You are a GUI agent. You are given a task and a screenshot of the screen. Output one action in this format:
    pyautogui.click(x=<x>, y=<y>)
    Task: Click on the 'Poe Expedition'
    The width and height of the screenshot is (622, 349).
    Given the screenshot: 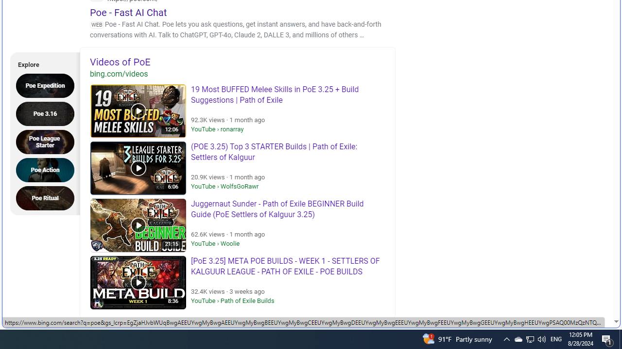 What is the action you would take?
    pyautogui.click(x=48, y=85)
    